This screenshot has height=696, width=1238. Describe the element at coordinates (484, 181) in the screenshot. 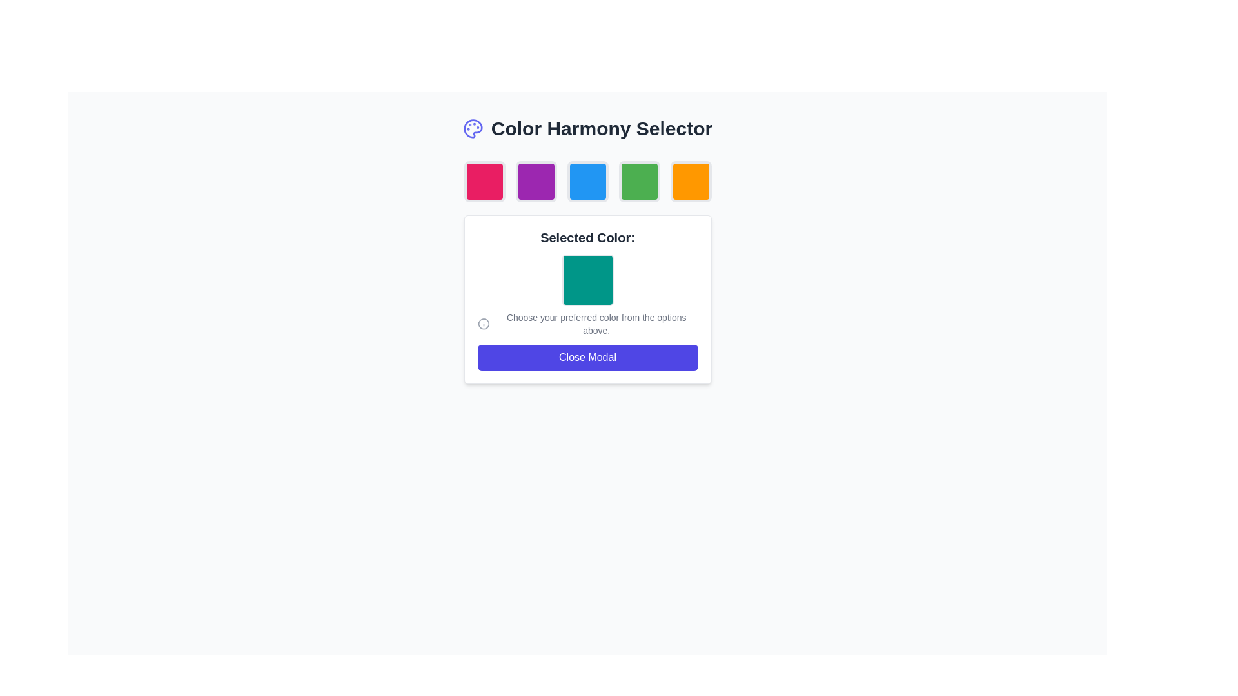

I see `the leftmost button in the Color Harmony Selector group` at that location.